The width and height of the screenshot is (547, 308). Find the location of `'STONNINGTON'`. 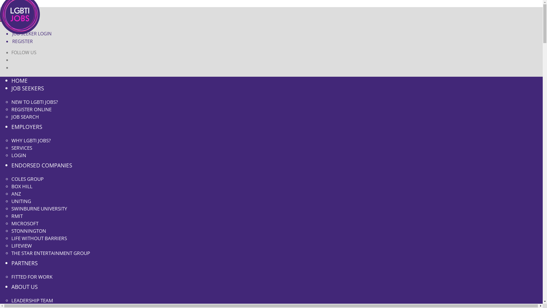

'STONNINGTON' is located at coordinates (28, 230).